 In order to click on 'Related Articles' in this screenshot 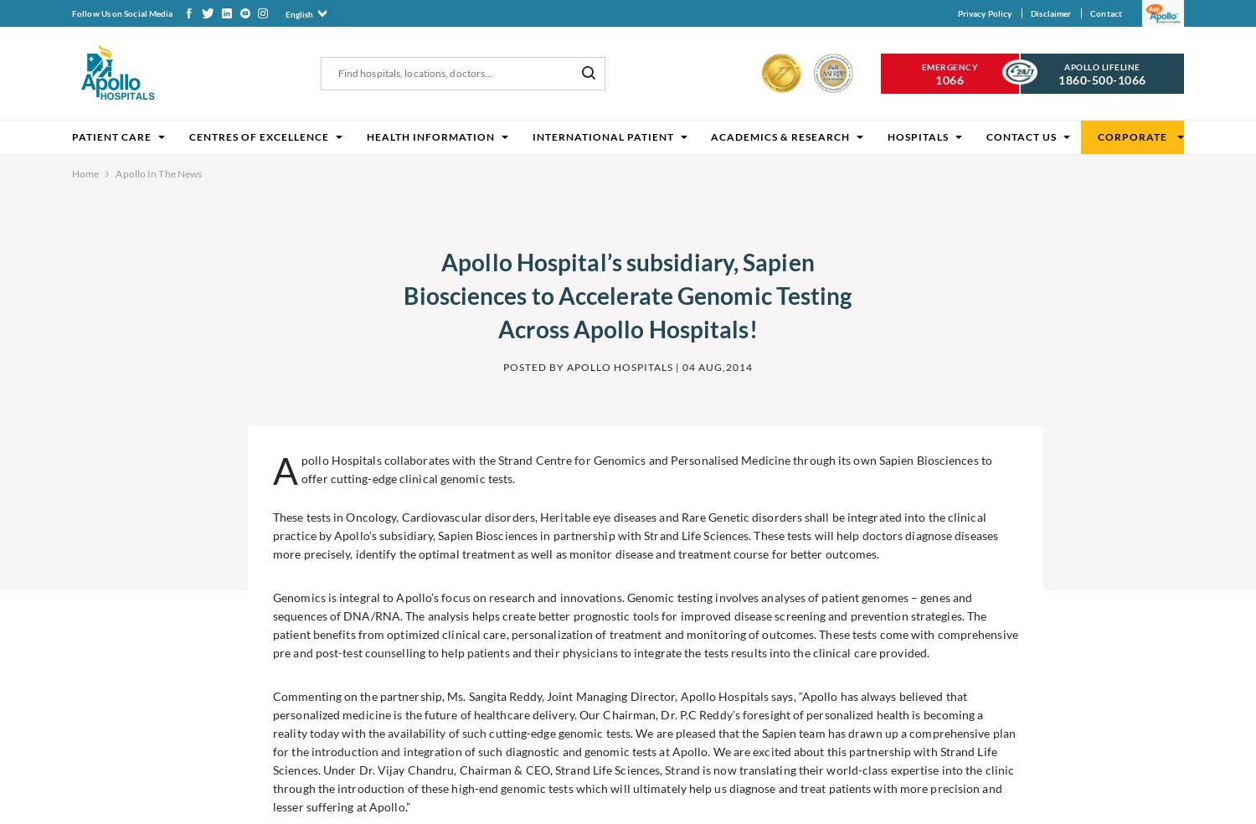, I will do `click(114, 276)`.